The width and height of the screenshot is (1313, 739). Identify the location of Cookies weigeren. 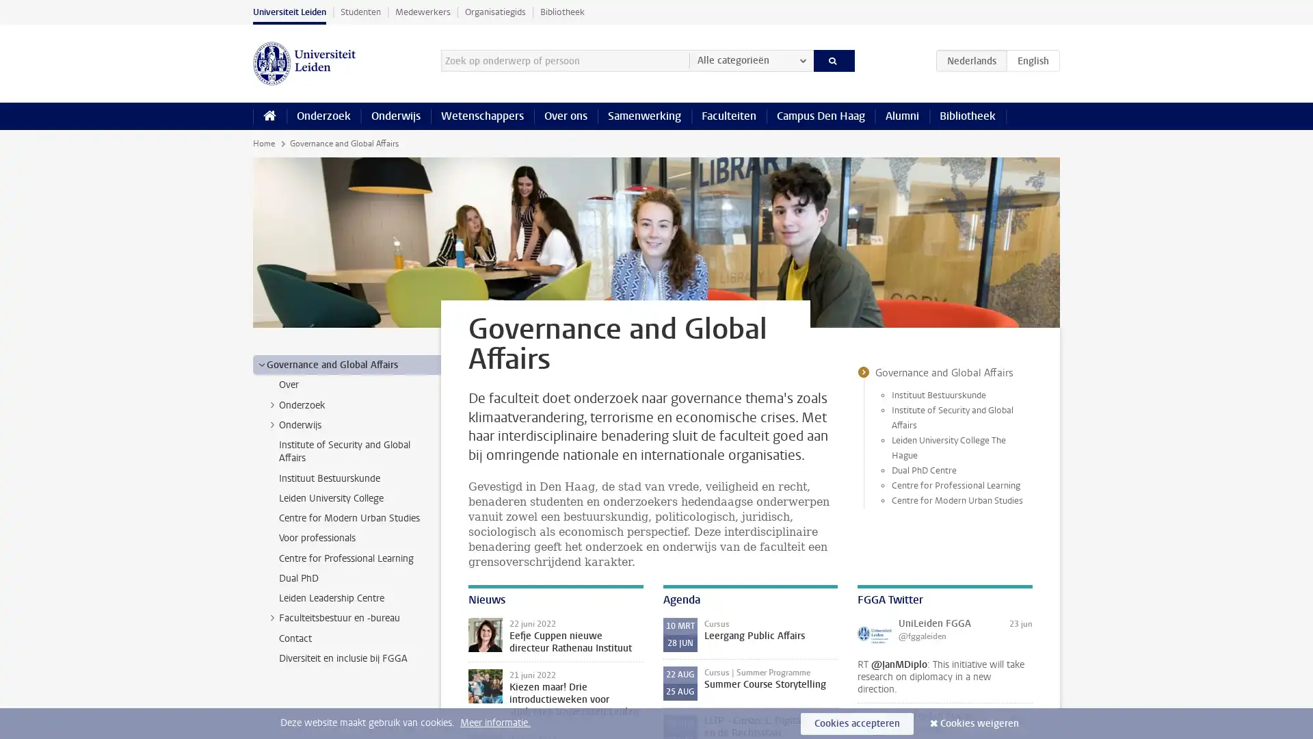
(979, 723).